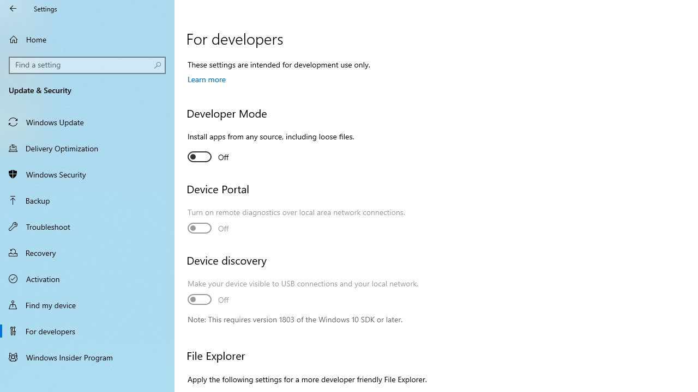 This screenshot has height=392, width=698. Describe the element at coordinates (87, 148) in the screenshot. I see `'Delivery Optimization'` at that location.